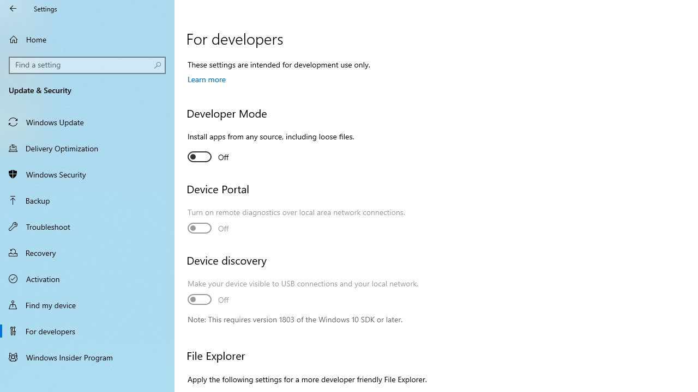 This screenshot has height=392, width=698. Describe the element at coordinates (87, 148) in the screenshot. I see `'Delivery Optimization'` at that location.